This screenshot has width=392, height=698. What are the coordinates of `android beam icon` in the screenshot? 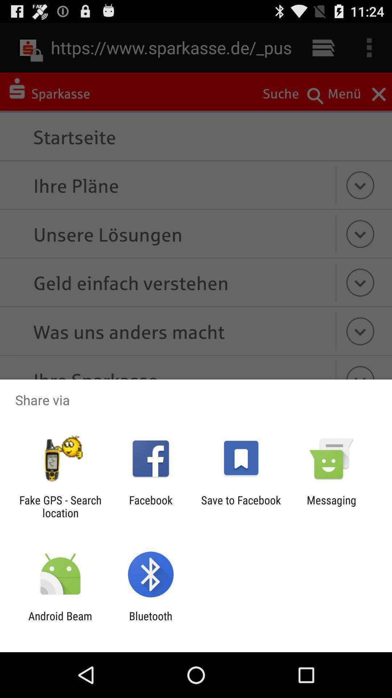 It's located at (60, 622).